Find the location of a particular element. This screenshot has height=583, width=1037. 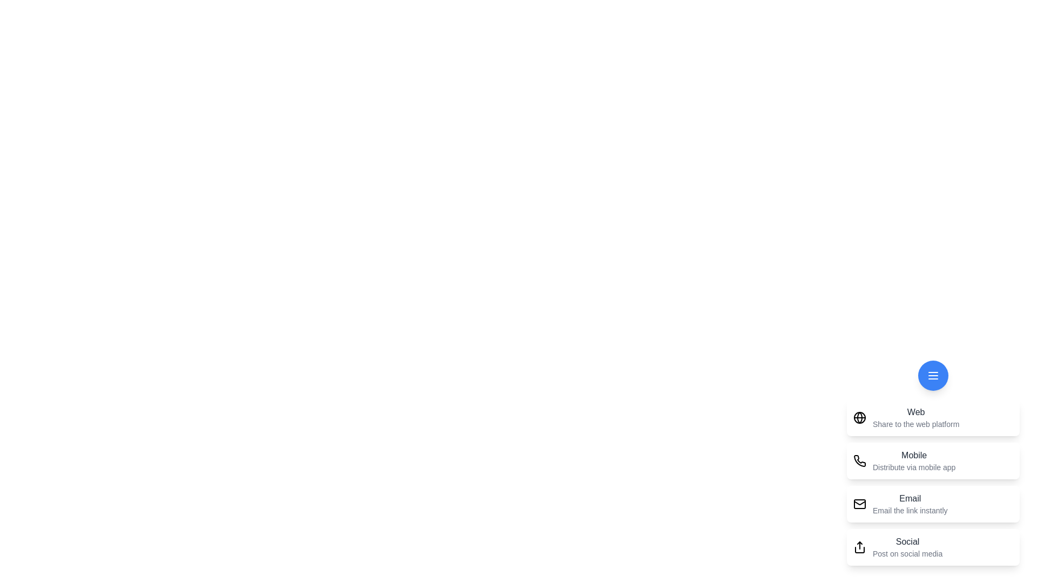

the sharing option Email from the menu is located at coordinates (933, 504).